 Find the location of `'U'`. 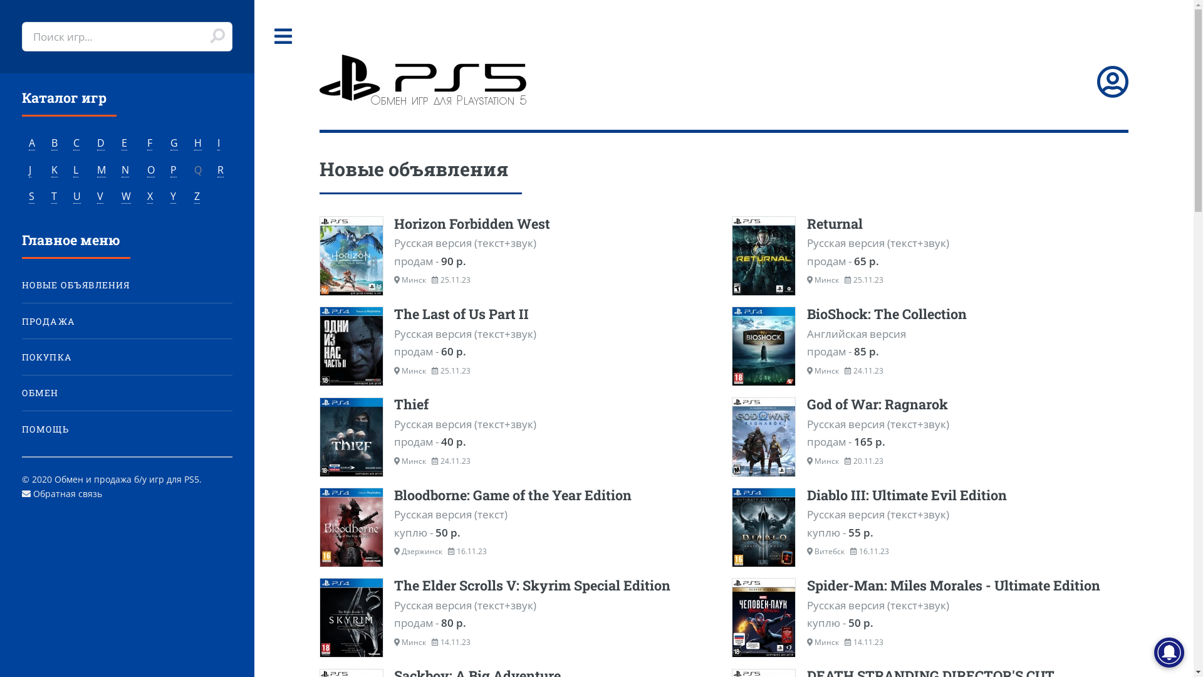

'U' is located at coordinates (76, 196).